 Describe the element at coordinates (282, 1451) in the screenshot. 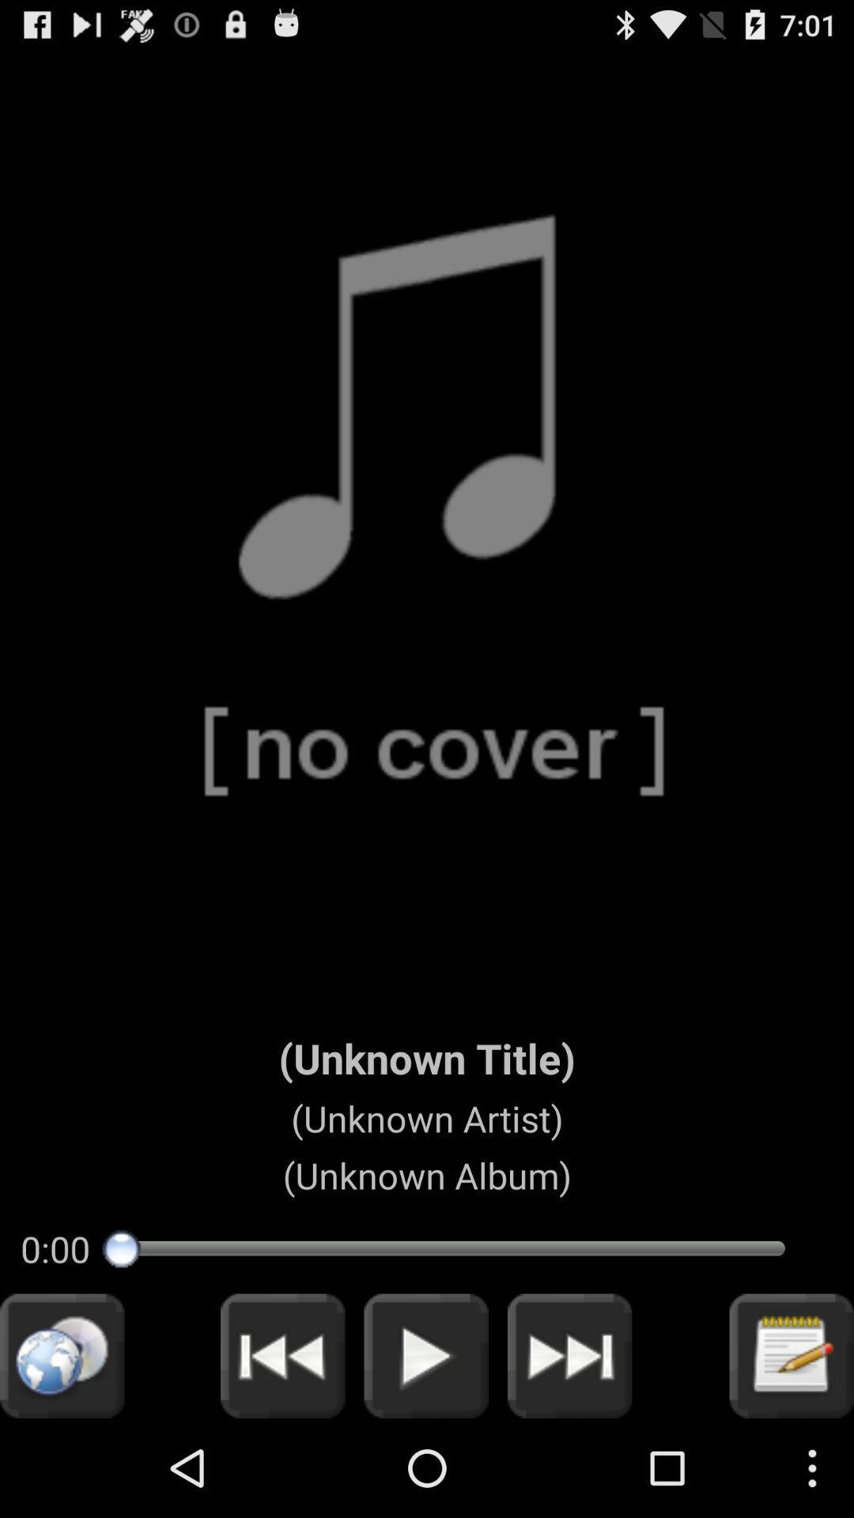

I see `the av_rewind icon` at that location.